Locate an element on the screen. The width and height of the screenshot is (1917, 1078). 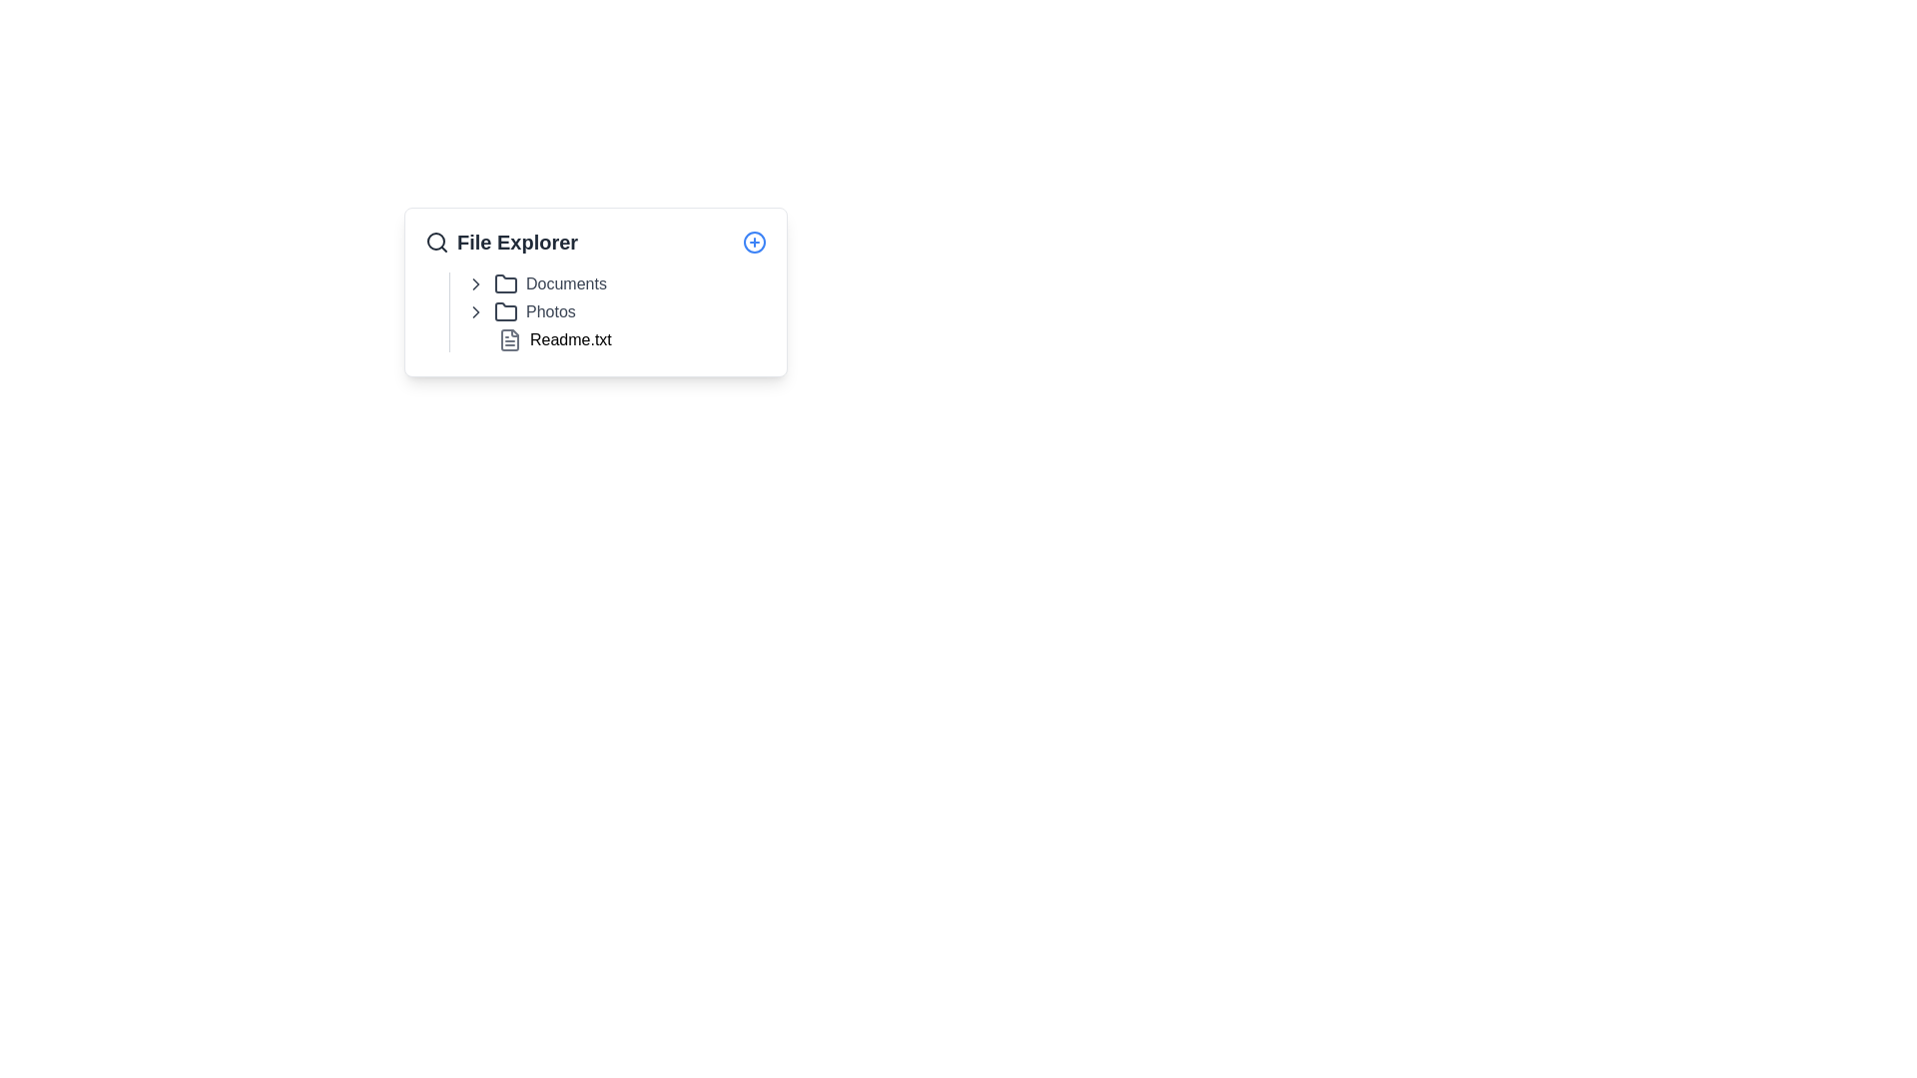
the circular icon button with a blue outline and a plus symbol located on the far right of the 'File Explorer' section is located at coordinates (753, 242).